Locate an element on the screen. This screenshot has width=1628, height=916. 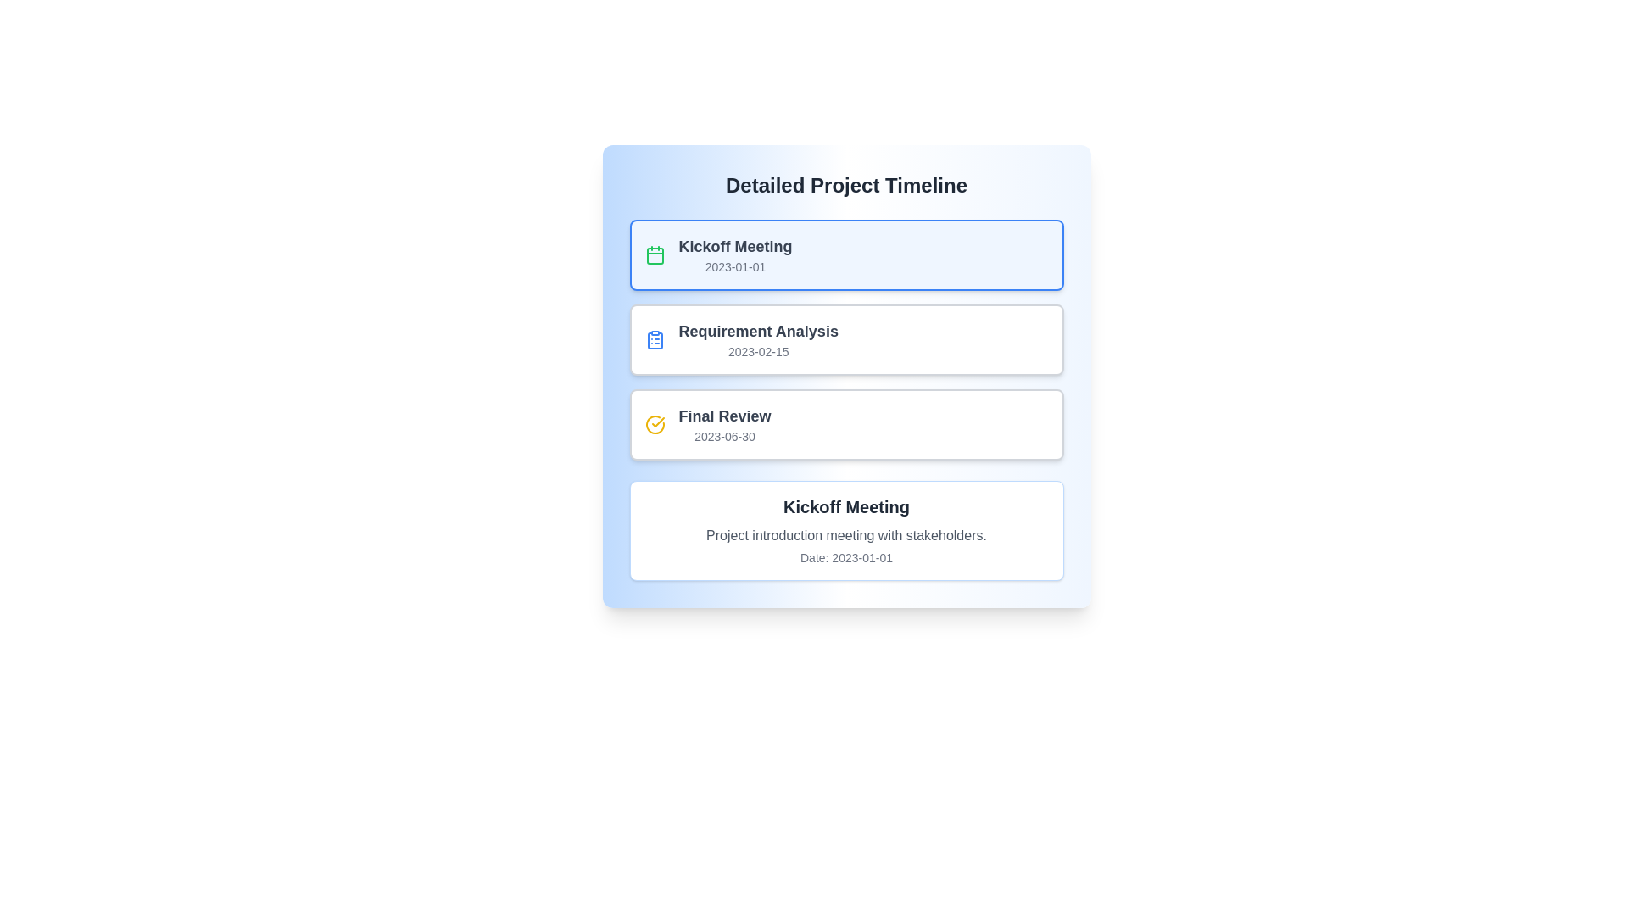
the text label displaying the date for the 'Kickoff Meeting', which is positioned below the title and description within the card layout is located at coordinates (846, 558).